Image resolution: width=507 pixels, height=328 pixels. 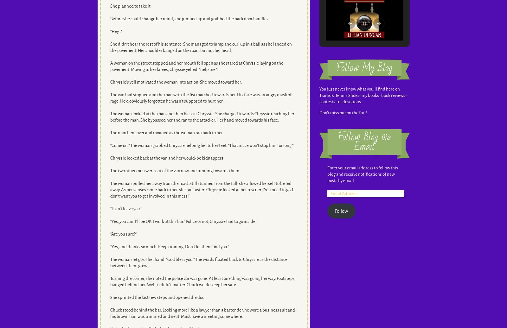 What do you see at coordinates (364, 68) in the screenshot?
I see `'Follow My Blog'` at bounding box center [364, 68].